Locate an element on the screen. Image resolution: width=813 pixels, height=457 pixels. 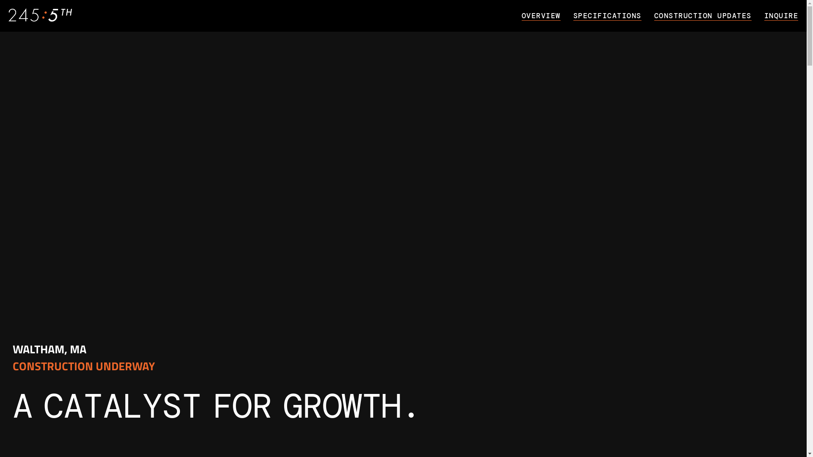
'SPECIFICATIONS' is located at coordinates (614, 15).